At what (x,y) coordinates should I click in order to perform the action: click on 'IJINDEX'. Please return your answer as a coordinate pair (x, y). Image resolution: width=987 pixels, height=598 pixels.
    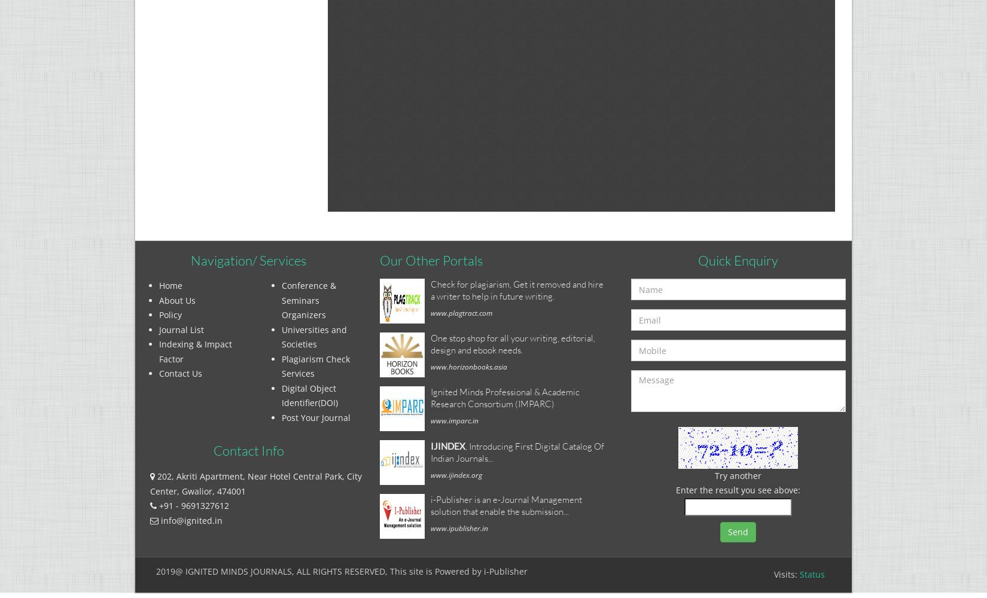
    Looking at the image, I should click on (447, 446).